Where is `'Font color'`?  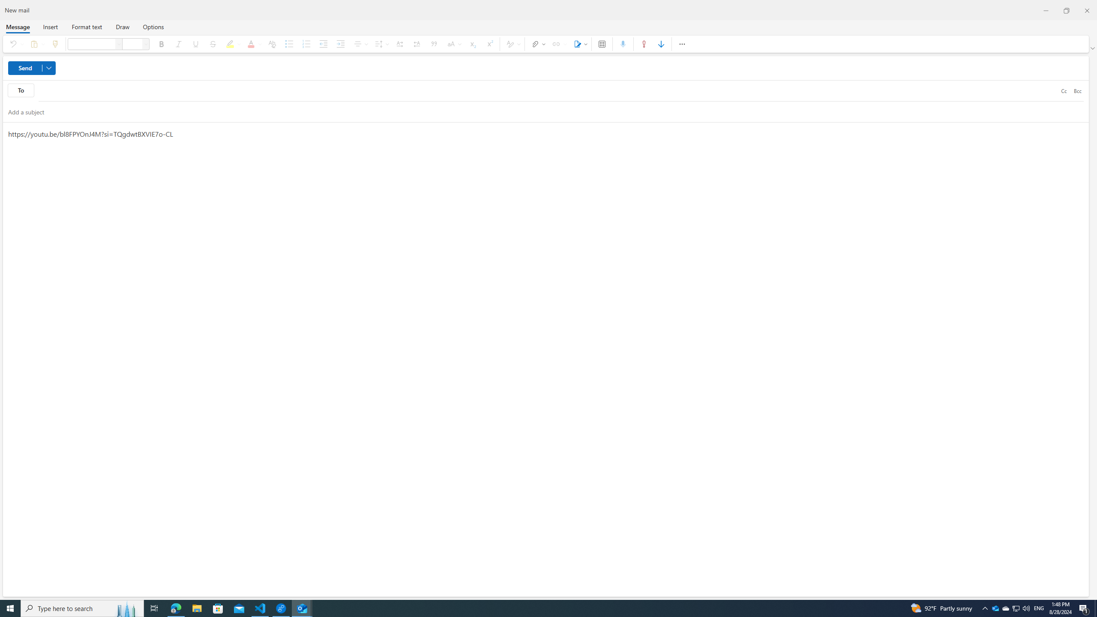
'Font color' is located at coordinates (253, 44).